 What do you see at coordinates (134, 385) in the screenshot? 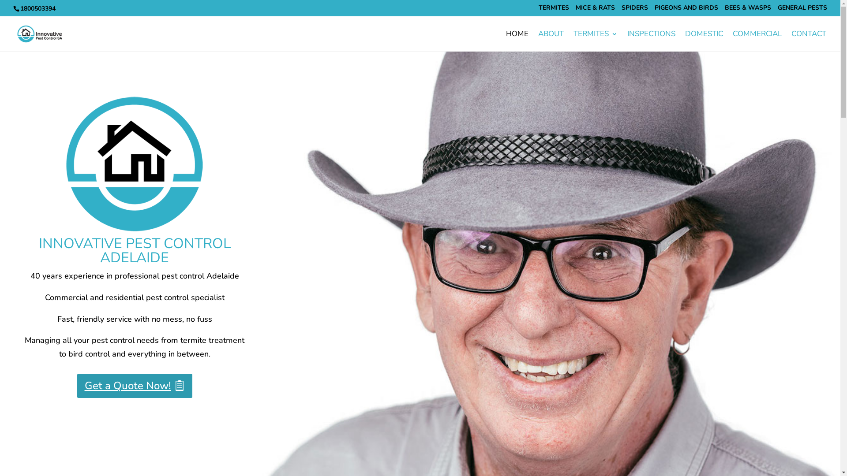
I see `'Get a Quote Now!'` at bounding box center [134, 385].